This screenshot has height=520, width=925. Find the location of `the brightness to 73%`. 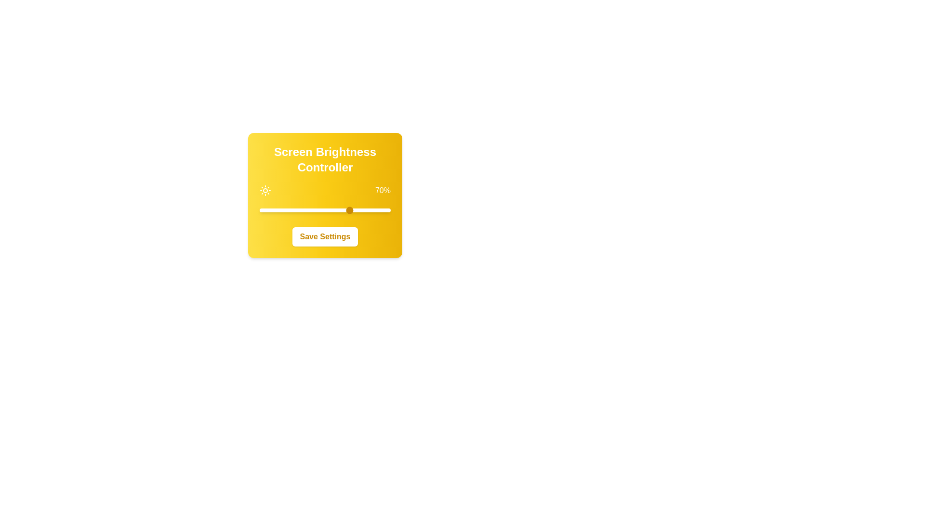

the brightness to 73% is located at coordinates (355, 209).